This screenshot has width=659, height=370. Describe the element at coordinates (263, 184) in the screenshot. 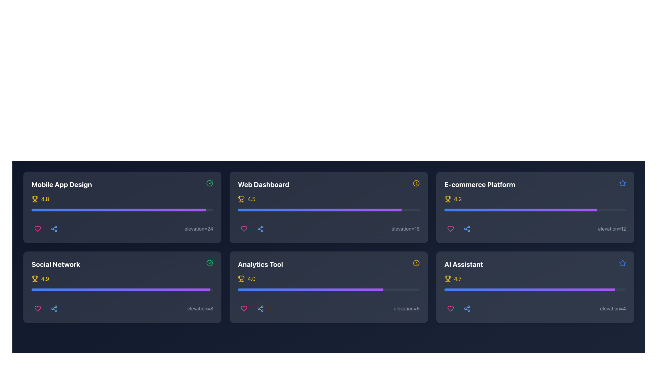

I see `text label 'Web Dashboard' located at the top-left section of the second card in the horizontal list of cards` at that location.